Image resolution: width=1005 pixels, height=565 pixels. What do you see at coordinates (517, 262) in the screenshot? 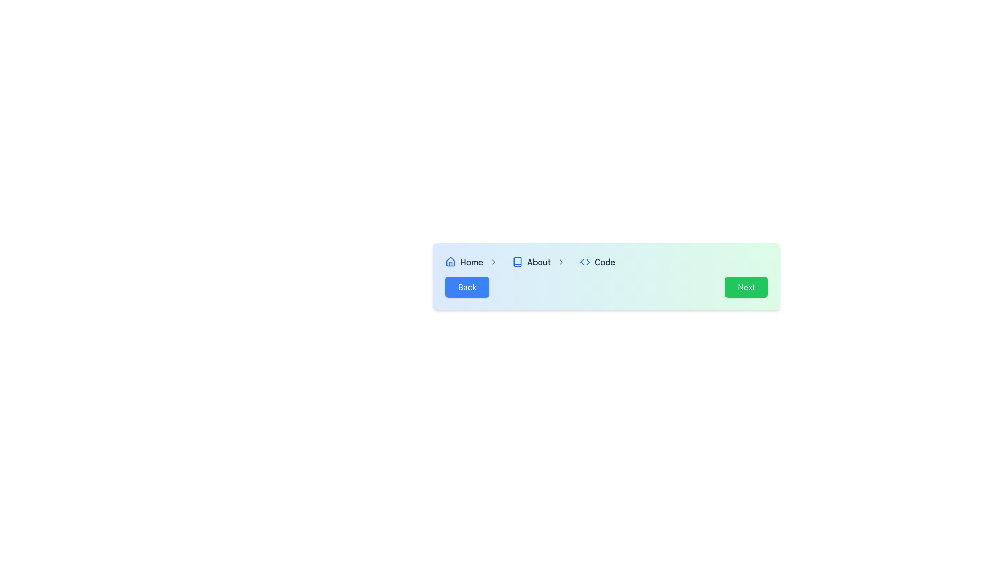
I see `the 'About' icon in the breadcrumb navigation bar, which is located to the left of the text 'About'` at bounding box center [517, 262].